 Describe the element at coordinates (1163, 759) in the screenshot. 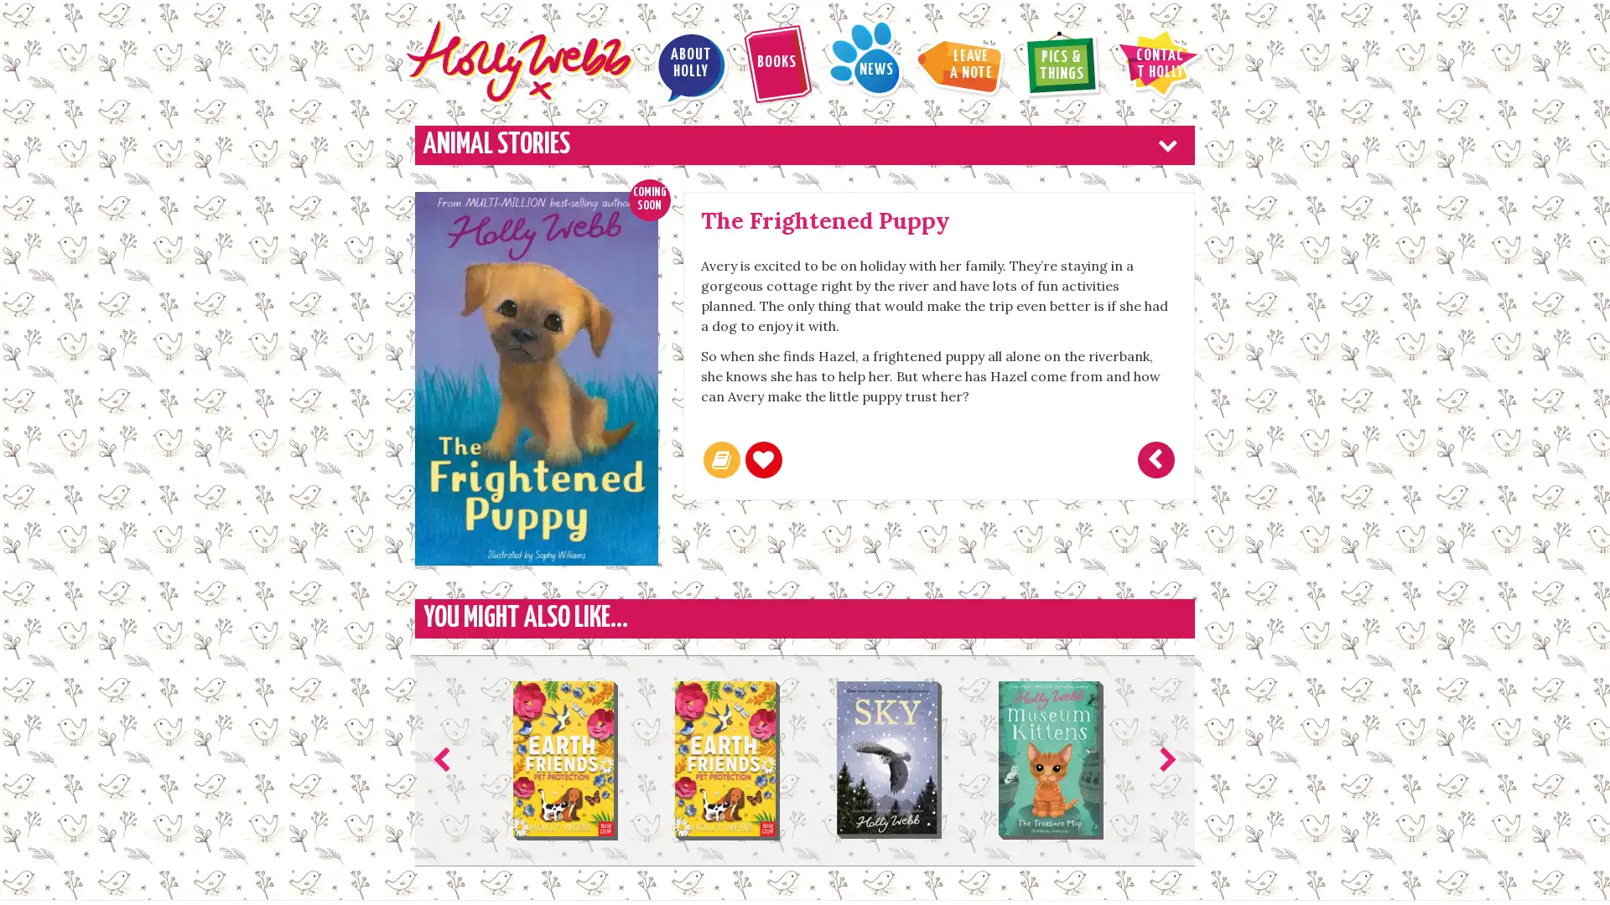

I see `Next` at that location.